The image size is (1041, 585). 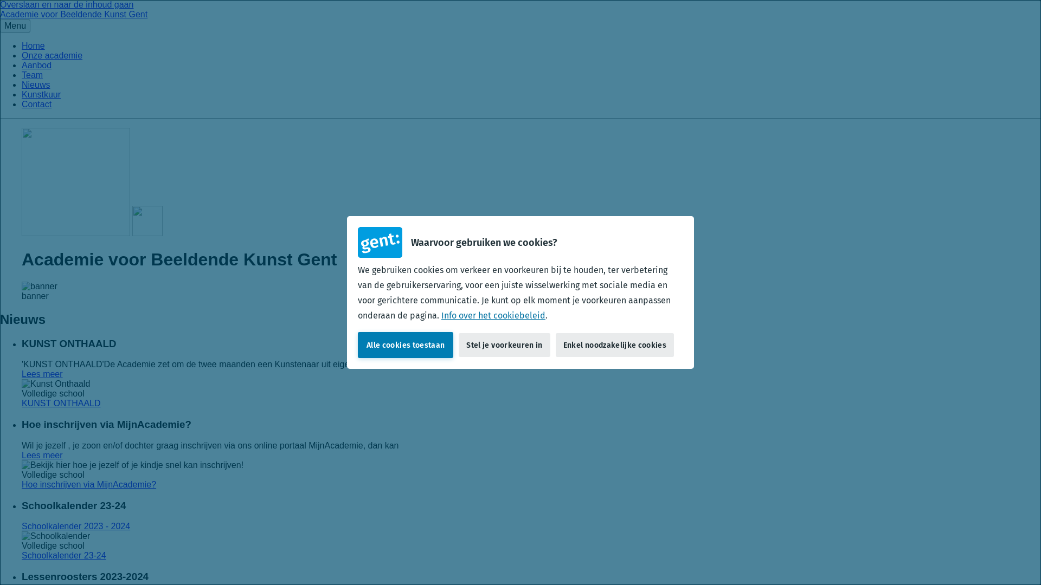 What do you see at coordinates (52, 55) in the screenshot?
I see `'Onze academie'` at bounding box center [52, 55].